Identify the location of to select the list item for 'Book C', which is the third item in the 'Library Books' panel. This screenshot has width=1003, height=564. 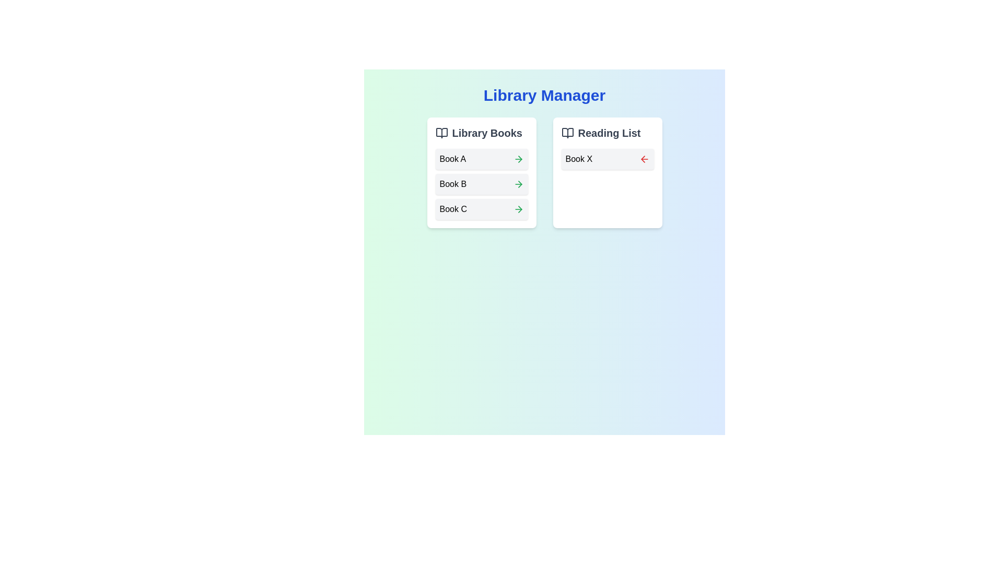
(481, 209).